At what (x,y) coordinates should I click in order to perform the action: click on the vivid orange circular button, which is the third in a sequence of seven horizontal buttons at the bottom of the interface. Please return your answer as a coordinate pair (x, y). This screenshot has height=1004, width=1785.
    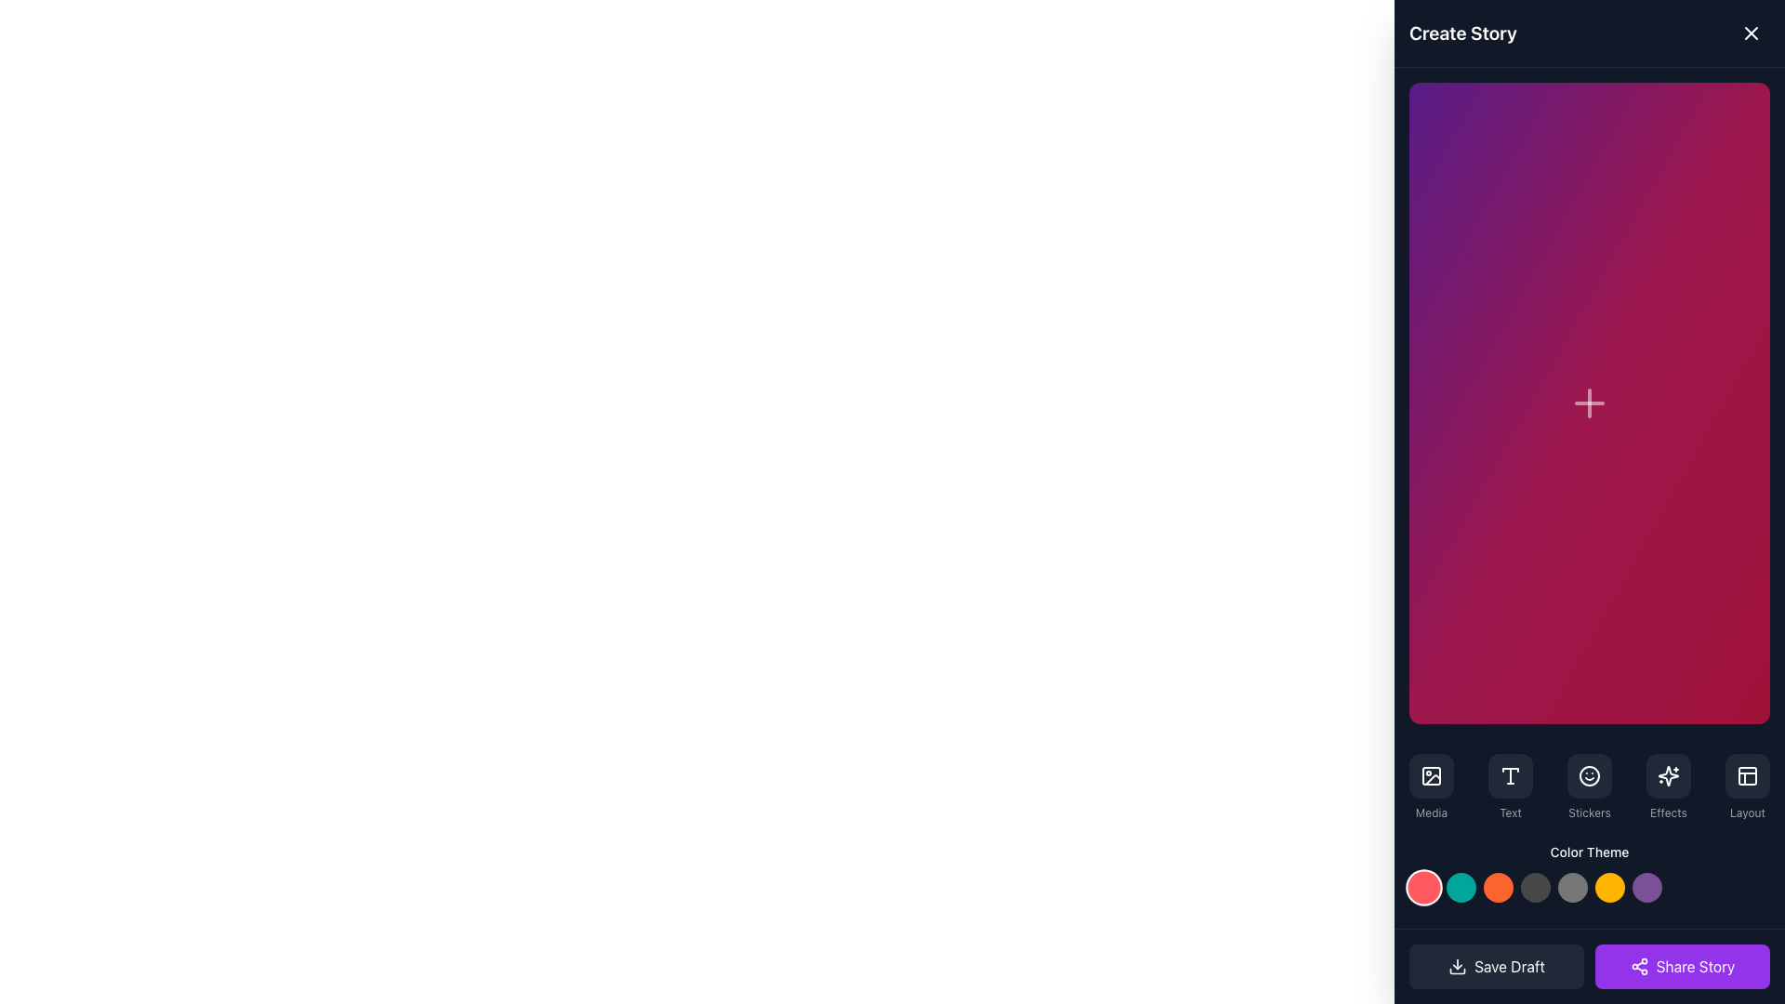
    Looking at the image, I should click on (1499, 885).